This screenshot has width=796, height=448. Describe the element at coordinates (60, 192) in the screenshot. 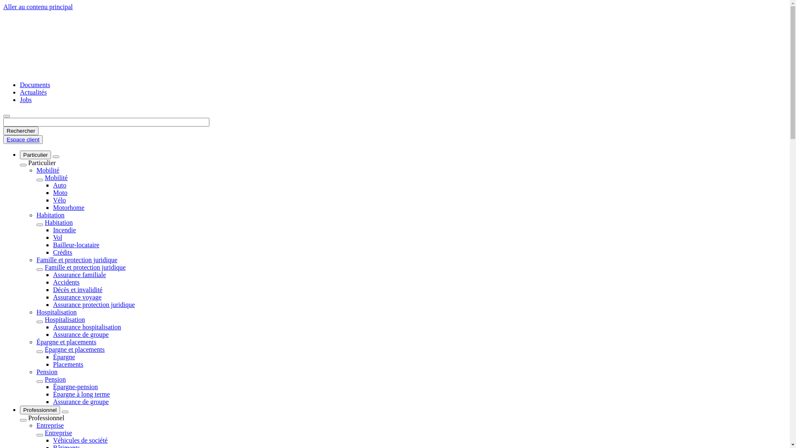

I see `'Moto'` at that location.